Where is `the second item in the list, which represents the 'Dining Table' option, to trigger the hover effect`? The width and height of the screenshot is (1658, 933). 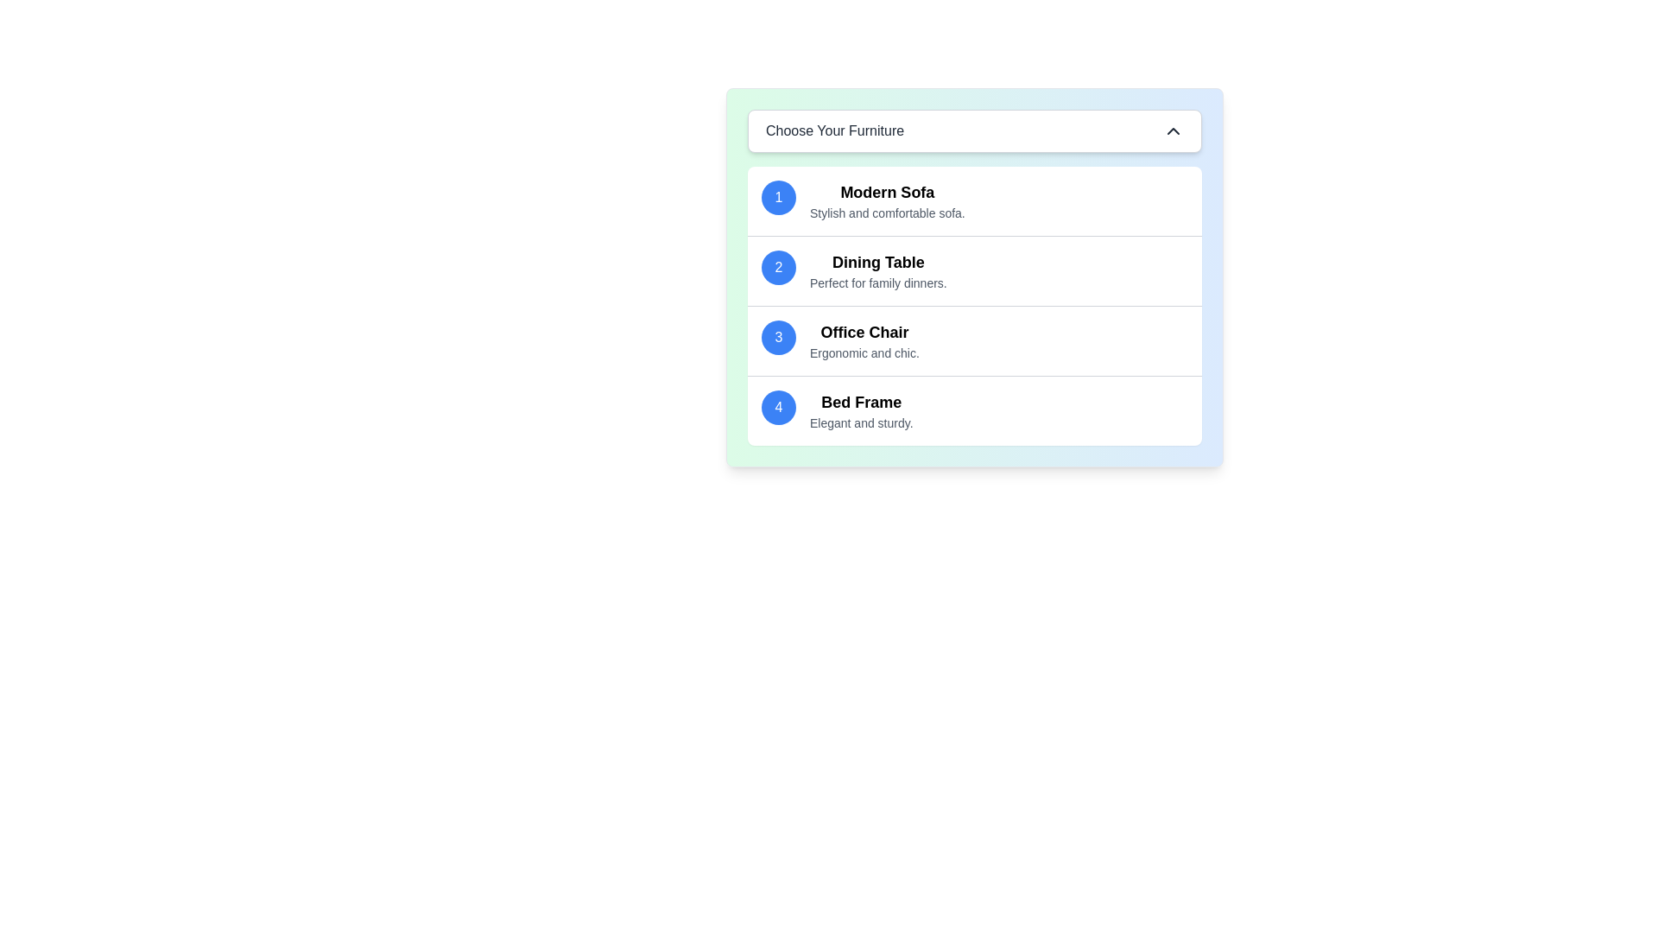
the second item in the list, which represents the 'Dining Table' option, to trigger the hover effect is located at coordinates (974, 270).